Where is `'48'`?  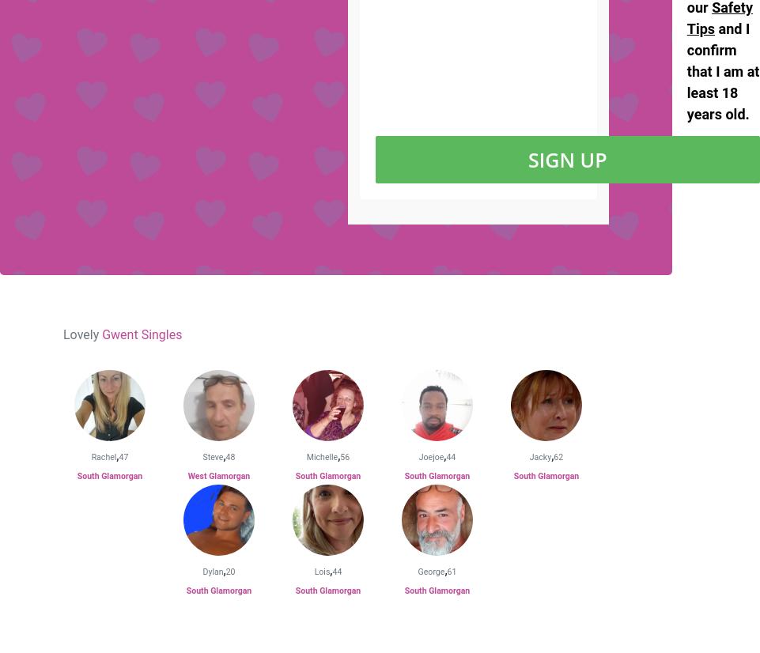 '48' is located at coordinates (229, 456).